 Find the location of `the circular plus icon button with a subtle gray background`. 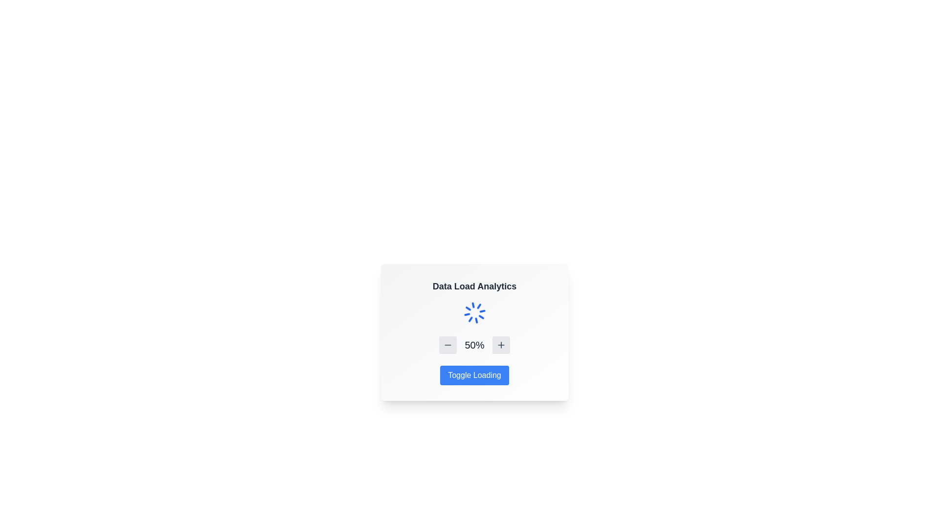

the circular plus icon button with a subtle gray background is located at coordinates (501, 344).